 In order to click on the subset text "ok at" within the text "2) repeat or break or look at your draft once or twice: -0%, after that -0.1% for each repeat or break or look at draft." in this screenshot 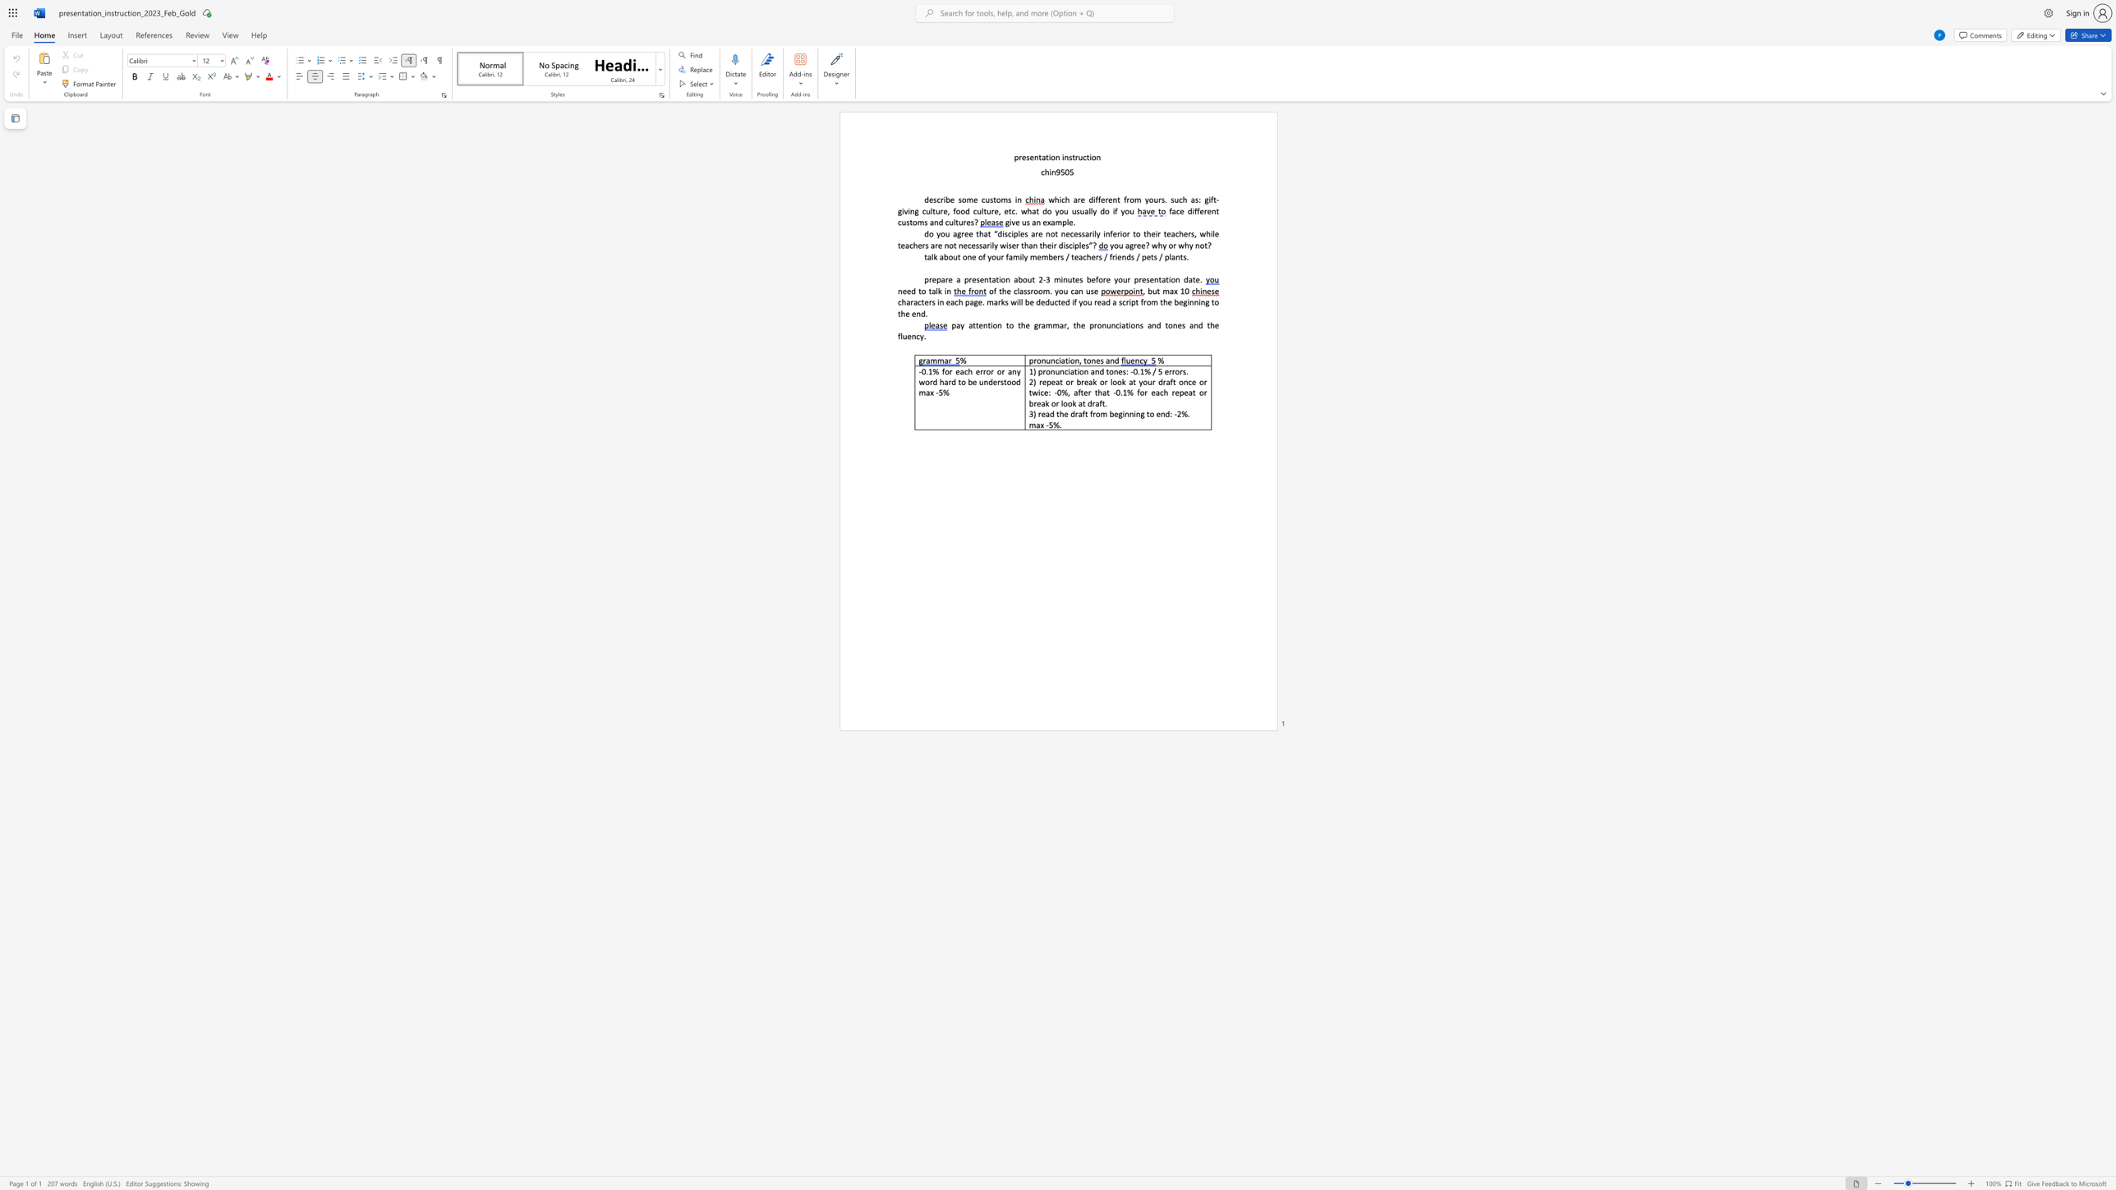, I will do `click(1115, 381)`.